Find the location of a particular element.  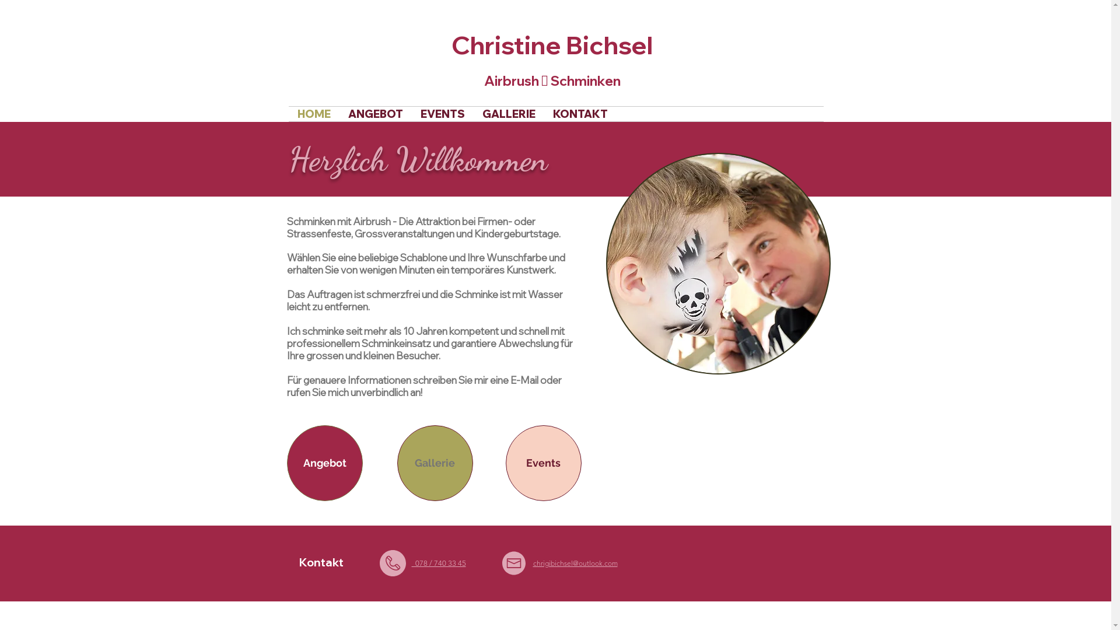

'HOME' is located at coordinates (313, 114).